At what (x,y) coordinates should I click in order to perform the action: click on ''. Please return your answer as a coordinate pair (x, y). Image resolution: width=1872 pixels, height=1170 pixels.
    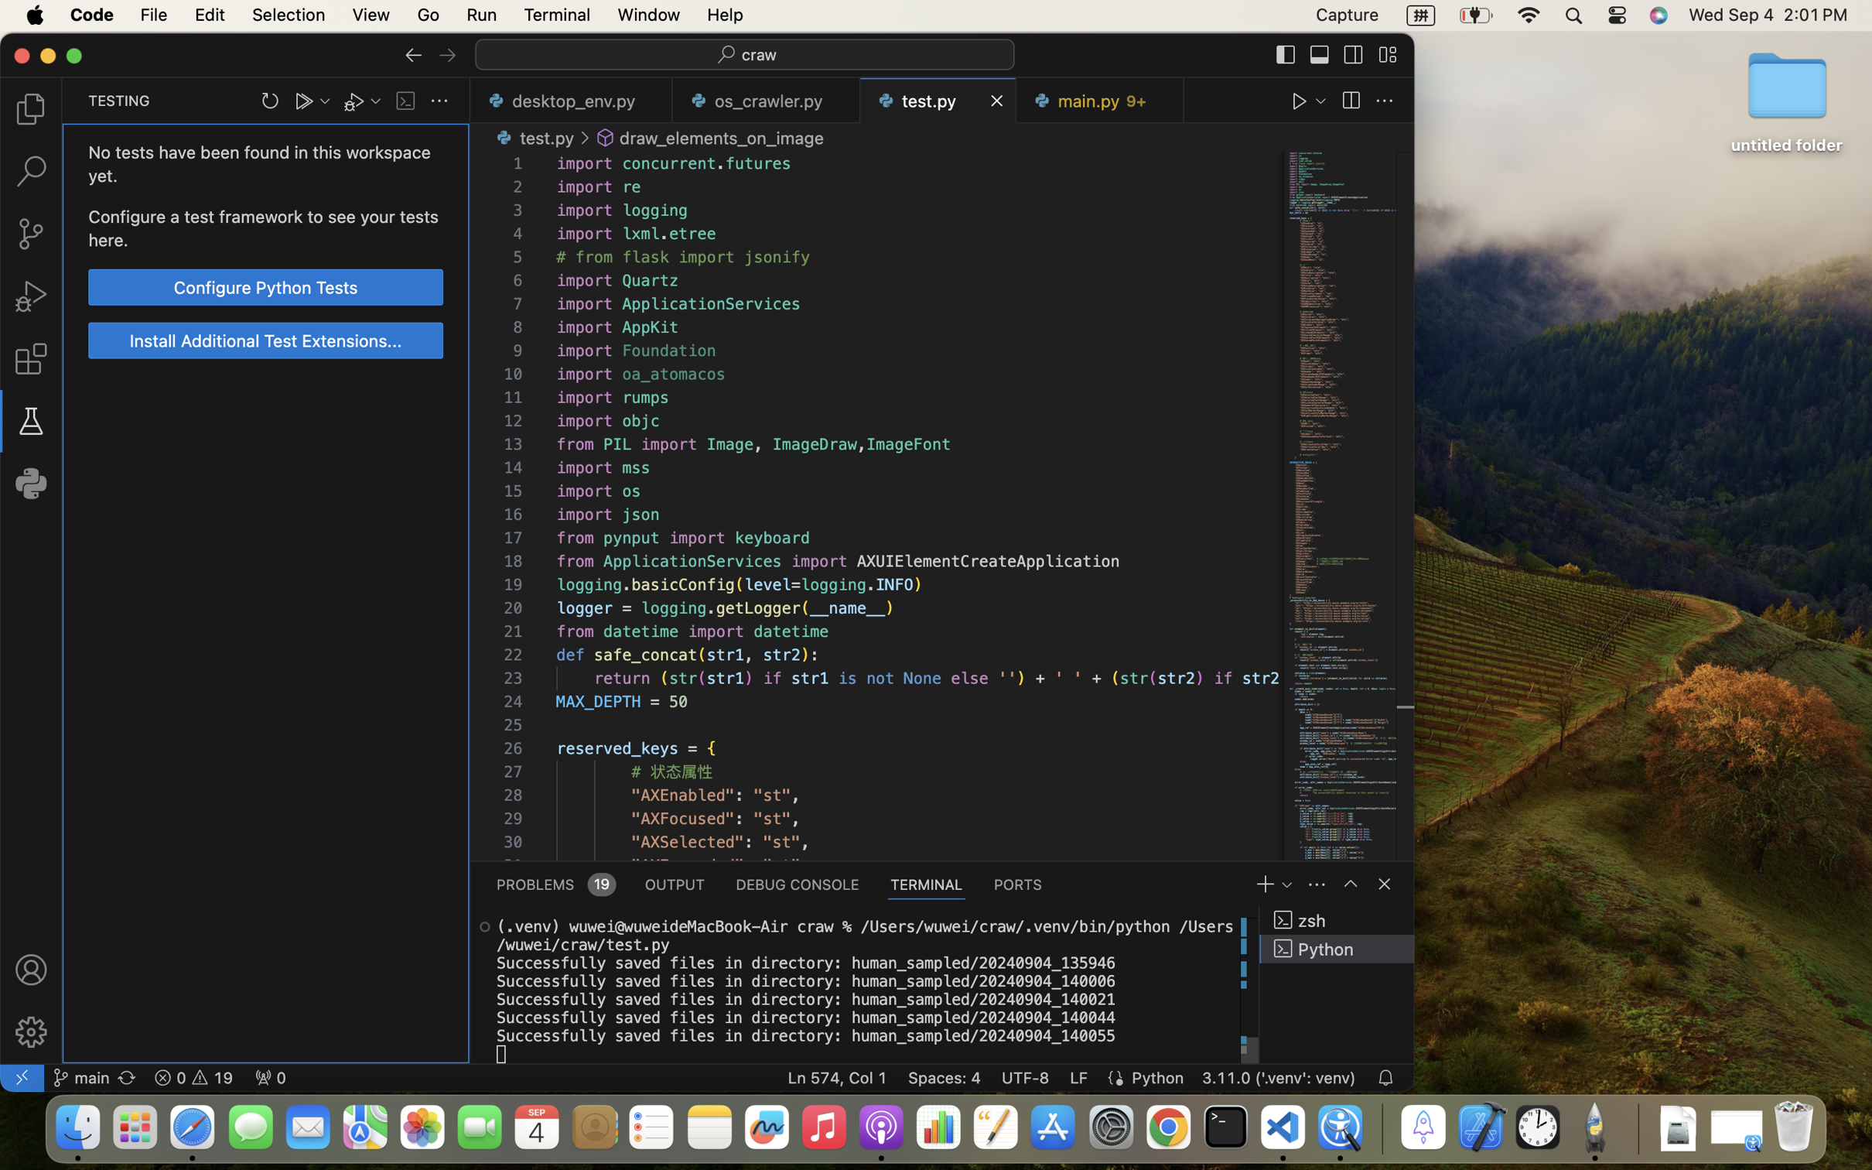
    Looking at the image, I should click on (1284, 54).